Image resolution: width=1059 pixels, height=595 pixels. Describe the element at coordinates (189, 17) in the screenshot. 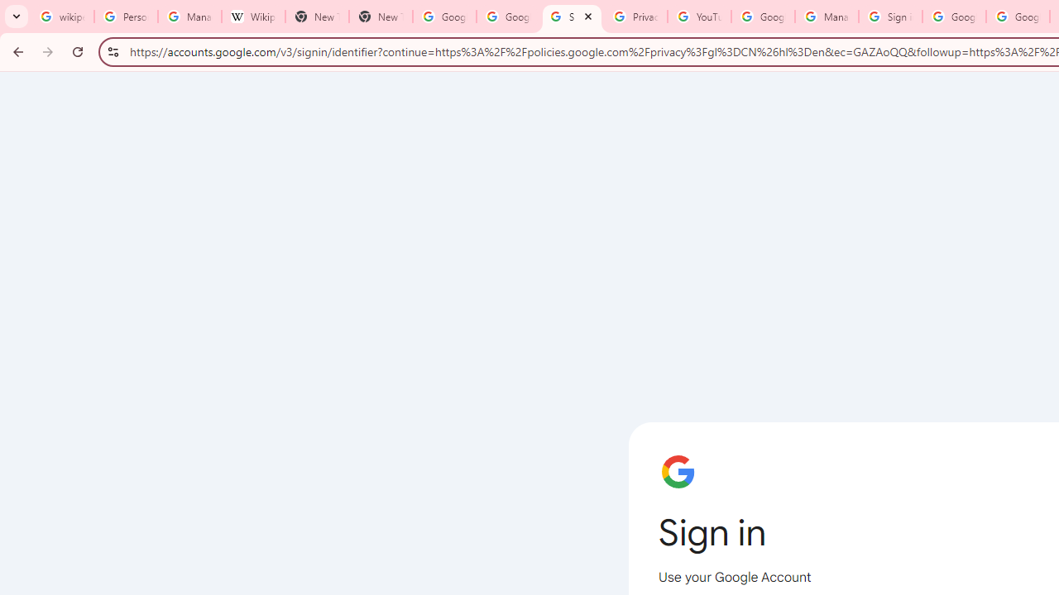

I see `'Manage your Location History - Google Search Help'` at that location.